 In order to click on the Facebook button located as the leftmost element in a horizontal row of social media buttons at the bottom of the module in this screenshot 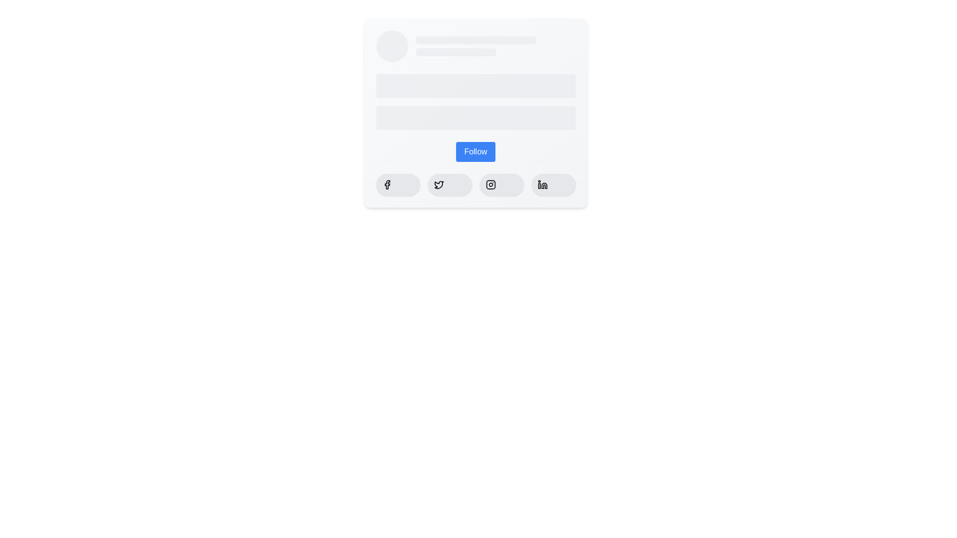, I will do `click(397, 184)`.